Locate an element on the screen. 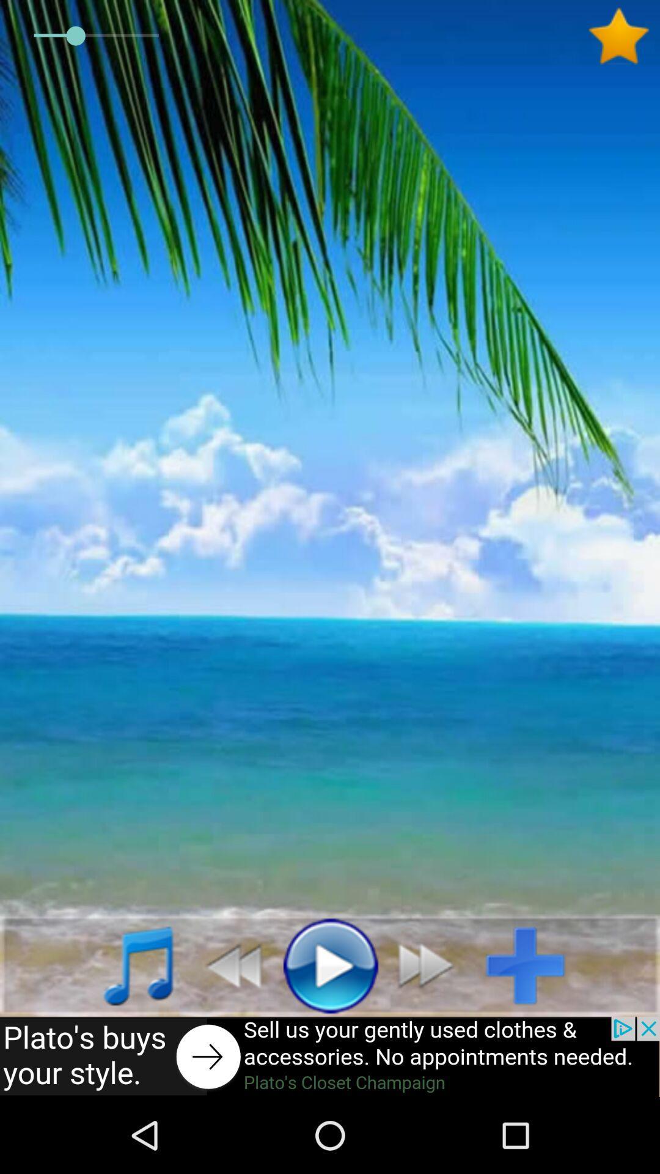 The image size is (660, 1174). the add icon is located at coordinates (534, 964).